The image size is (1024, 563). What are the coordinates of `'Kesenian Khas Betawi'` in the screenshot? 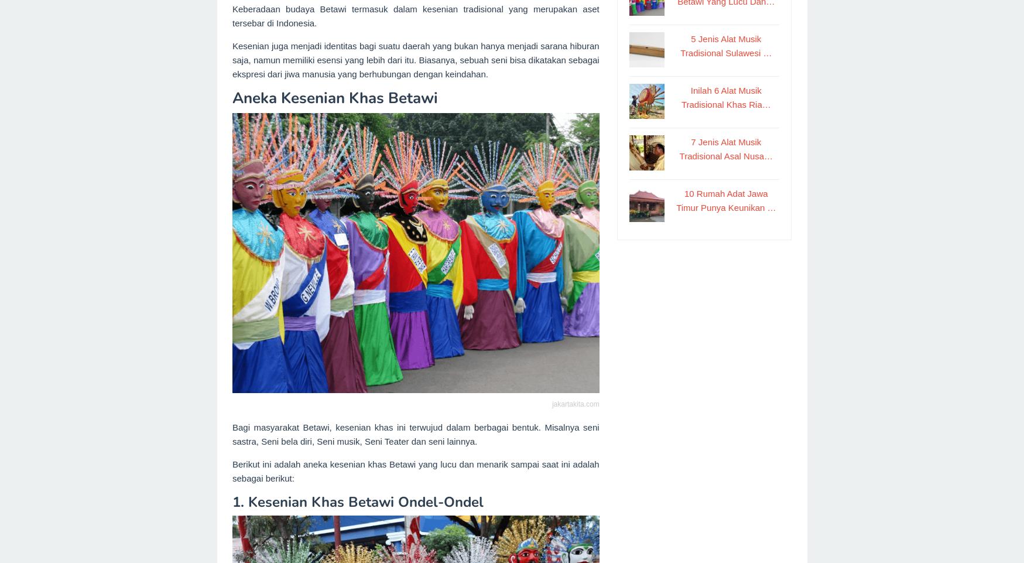 It's located at (247, 501).